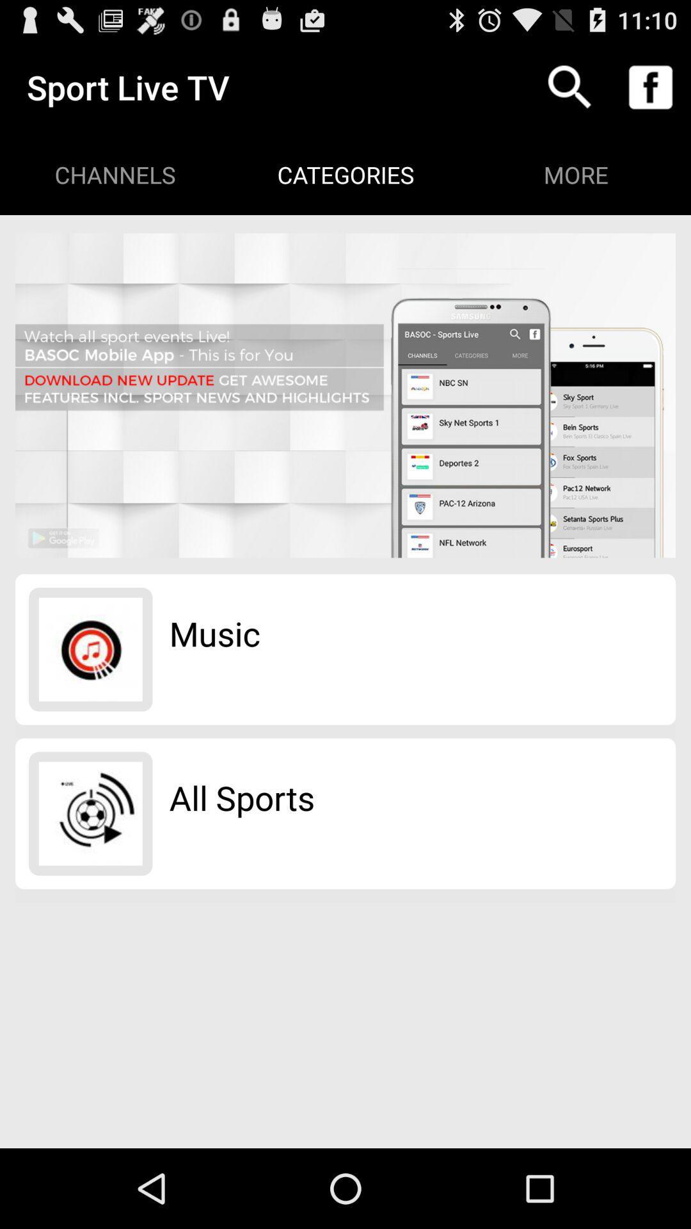  What do you see at coordinates (651, 86) in the screenshot?
I see `the icon above the more item` at bounding box center [651, 86].